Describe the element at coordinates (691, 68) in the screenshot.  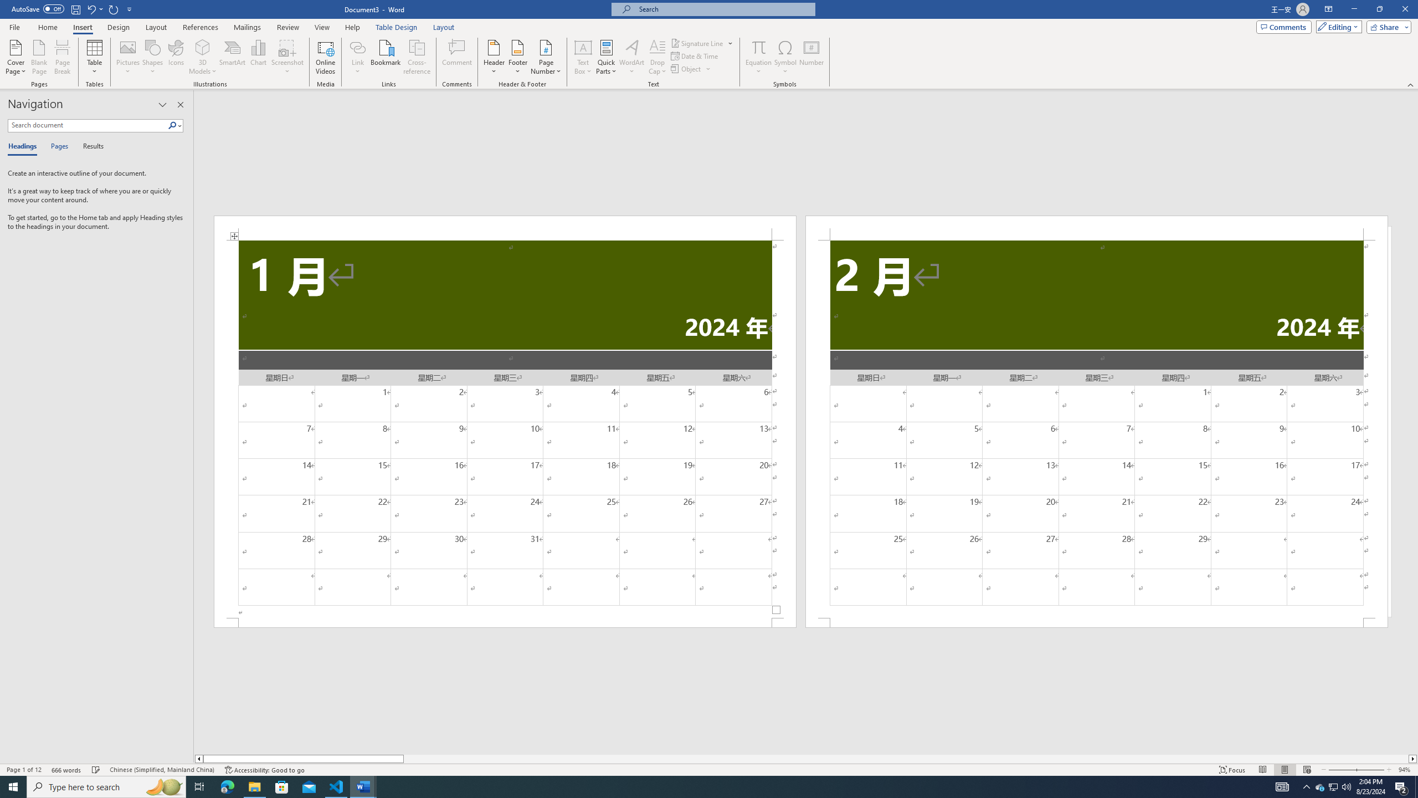
I see `'Object...'` at that location.